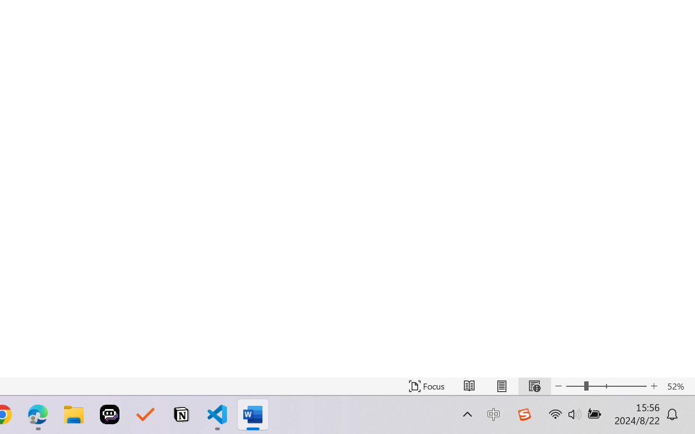 Image resolution: width=695 pixels, height=434 pixels. Describe the element at coordinates (534, 386) in the screenshot. I see `'Web Layout'` at that location.